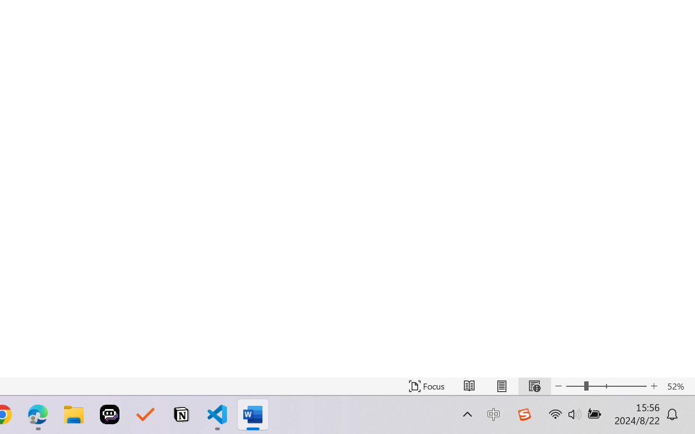 Image resolution: width=695 pixels, height=434 pixels. Describe the element at coordinates (534, 386) in the screenshot. I see `'Web Layout'` at that location.